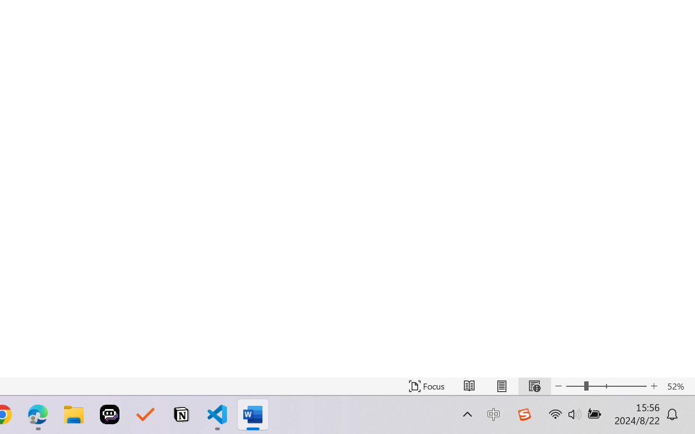 Image resolution: width=695 pixels, height=434 pixels. Describe the element at coordinates (534, 386) in the screenshot. I see `'Web Layout'` at that location.